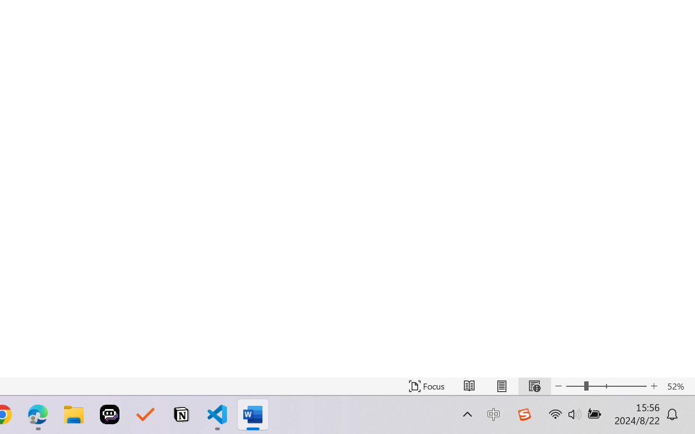 Image resolution: width=695 pixels, height=434 pixels. Describe the element at coordinates (534, 386) in the screenshot. I see `'Web Layout'` at that location.